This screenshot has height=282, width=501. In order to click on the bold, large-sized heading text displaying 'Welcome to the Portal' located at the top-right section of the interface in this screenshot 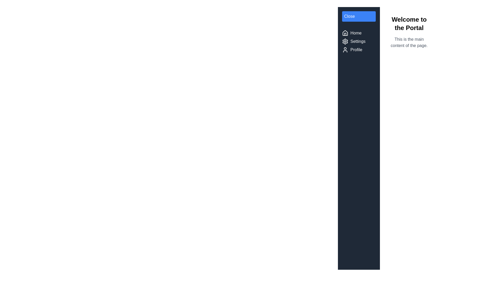, I will do `click(409, 24)`.